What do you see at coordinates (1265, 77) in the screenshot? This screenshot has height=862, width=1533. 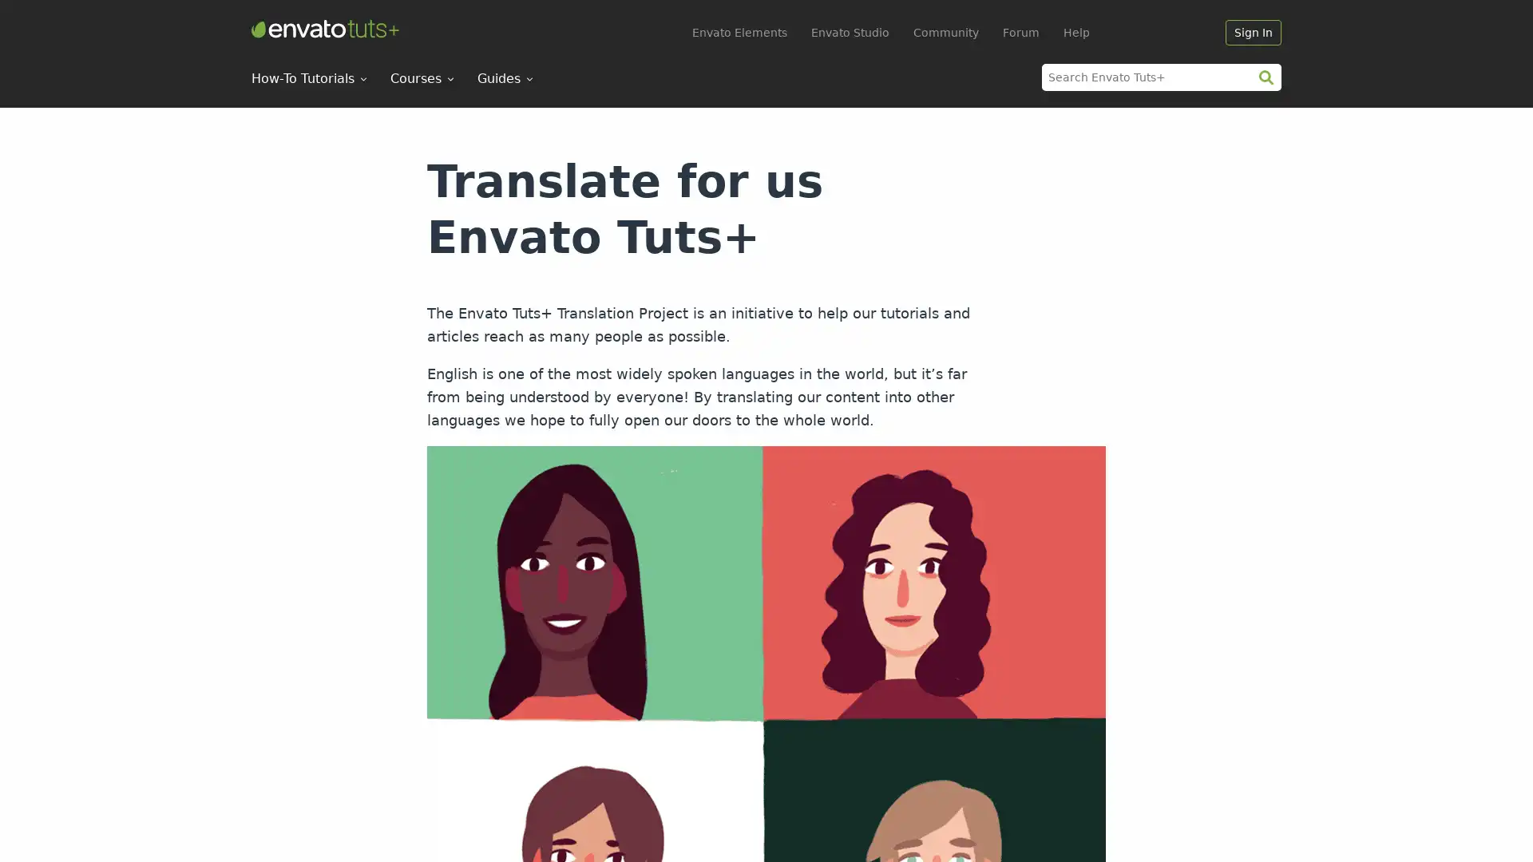 I see `search` at bounding box center [1265, 77].